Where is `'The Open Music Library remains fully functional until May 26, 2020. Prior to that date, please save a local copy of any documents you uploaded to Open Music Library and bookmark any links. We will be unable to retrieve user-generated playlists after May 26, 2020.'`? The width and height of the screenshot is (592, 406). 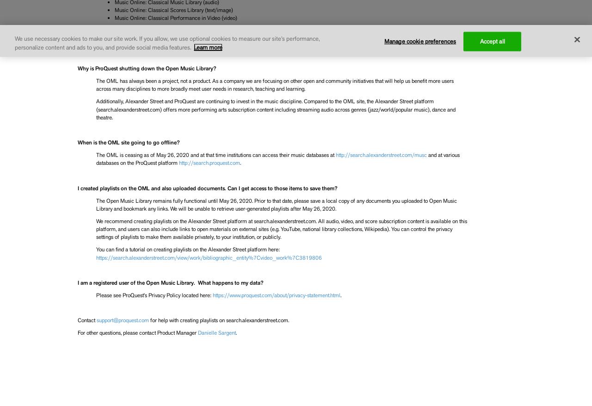 'The Open Music Library remains fully functional until May 26, 2020. Prior to that date, please save a local copy of any documents you uploaded to Open Music Library and bookmark any links. We will be unable to retrieve user-generated playlists after May 26, 2020.' is located at coordinates (275, 204).